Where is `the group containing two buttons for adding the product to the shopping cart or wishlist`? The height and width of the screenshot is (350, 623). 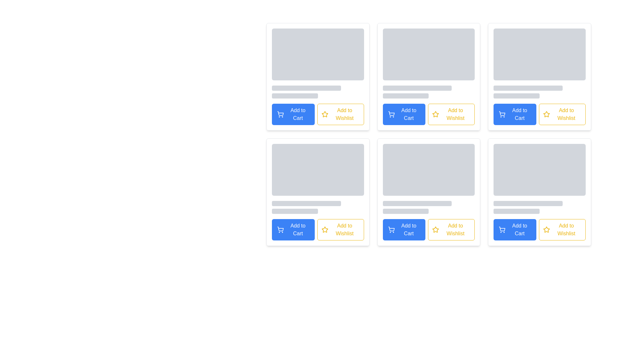 the group containing two buttons for adding the product to the shopping cart or wishlist is located at coordinates (540, 114).